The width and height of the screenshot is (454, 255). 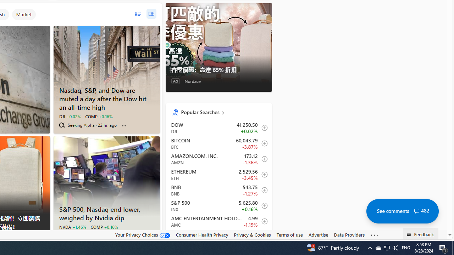 What do you see at coordinates (318, 235) in the screenshot?
I see `'Advertise'` at bounding box center [318, 235].